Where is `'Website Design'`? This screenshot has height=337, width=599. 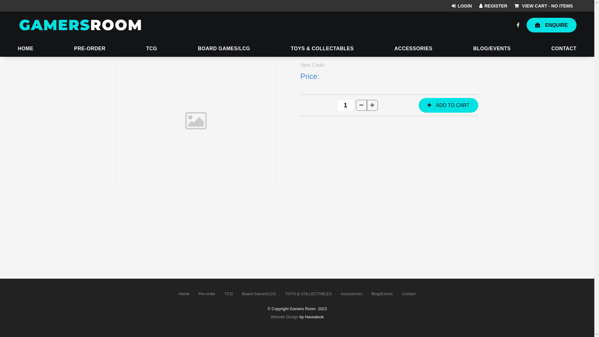
'Website Design' is located at coordinates (270, 317).